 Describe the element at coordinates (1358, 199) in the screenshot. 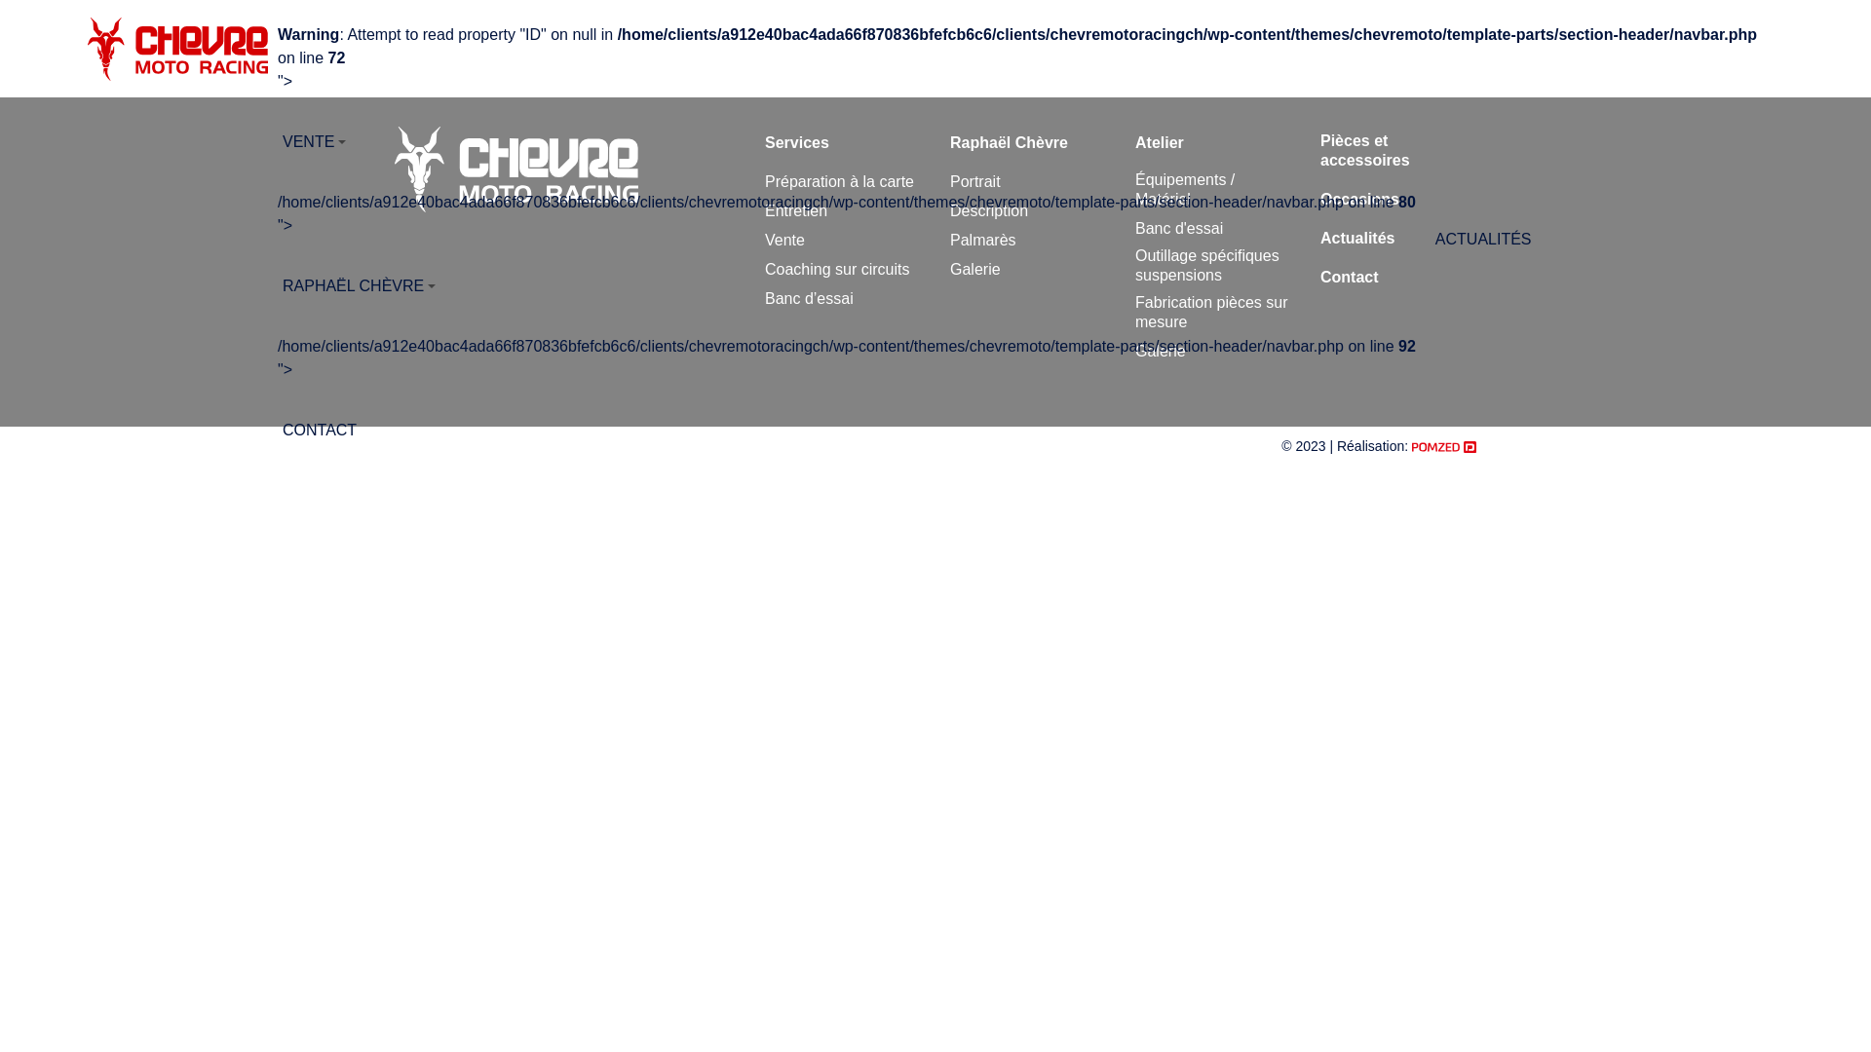

I see `'Occasions'` at that location.